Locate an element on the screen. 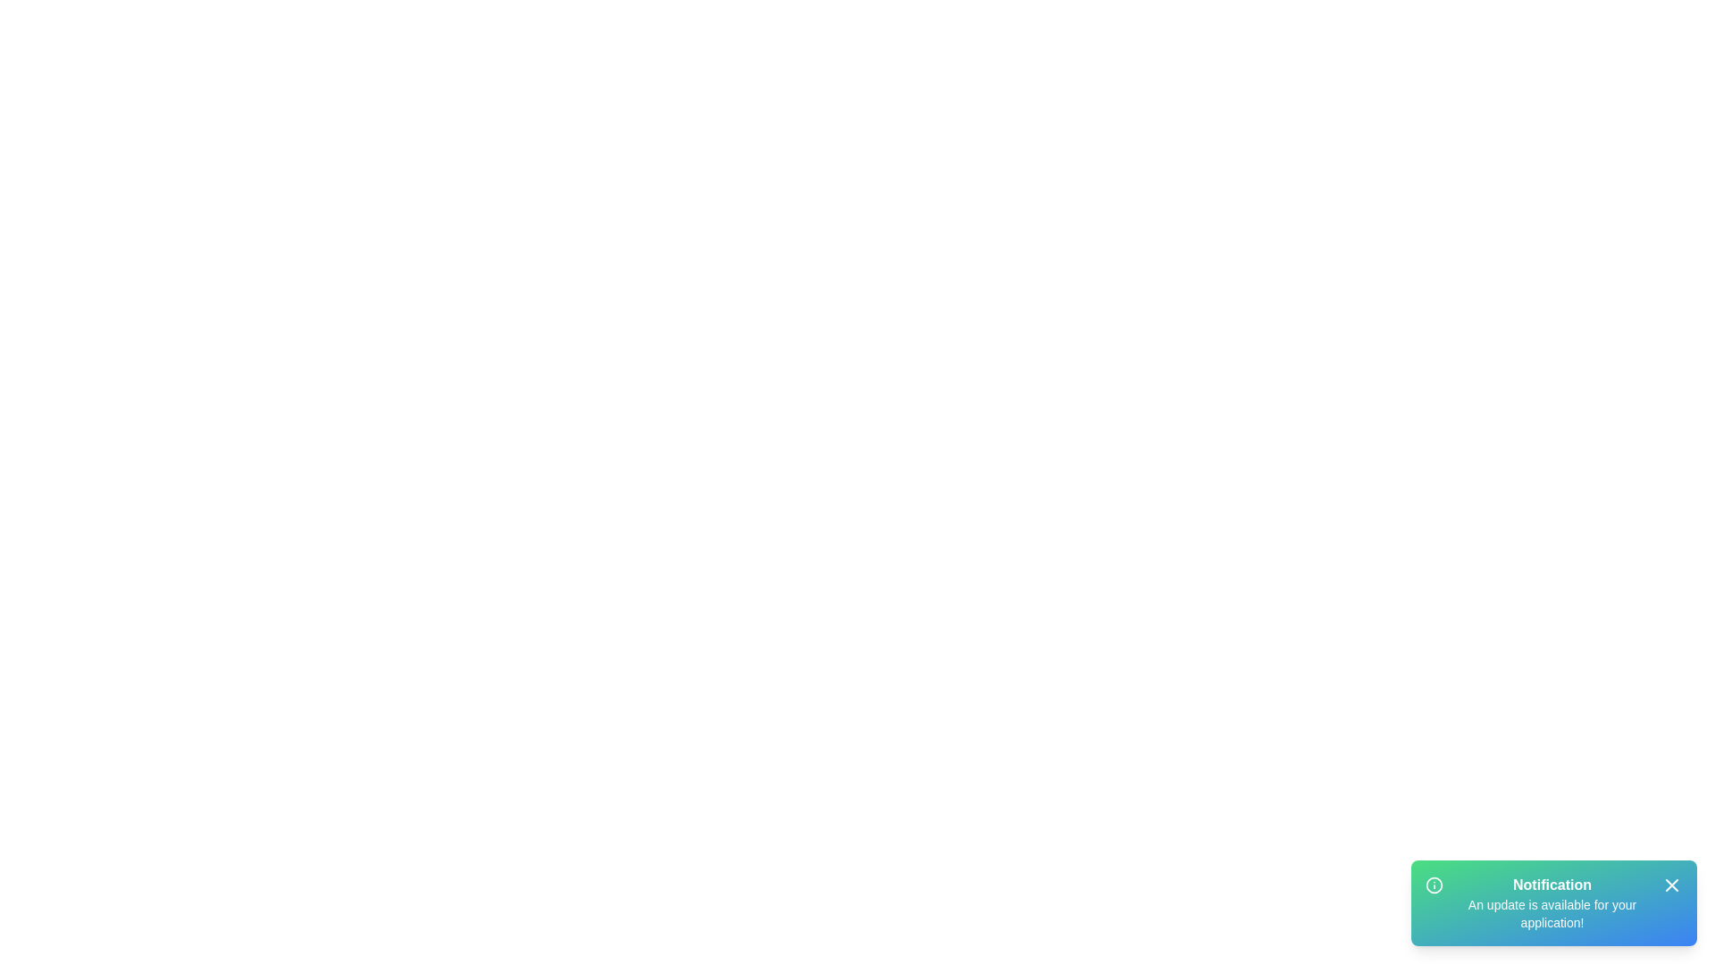 Image resolution: width=1715 pixels, height=964 pixels. the close button of the snackbar to dismiss it is located at coordinates (1671, 885).